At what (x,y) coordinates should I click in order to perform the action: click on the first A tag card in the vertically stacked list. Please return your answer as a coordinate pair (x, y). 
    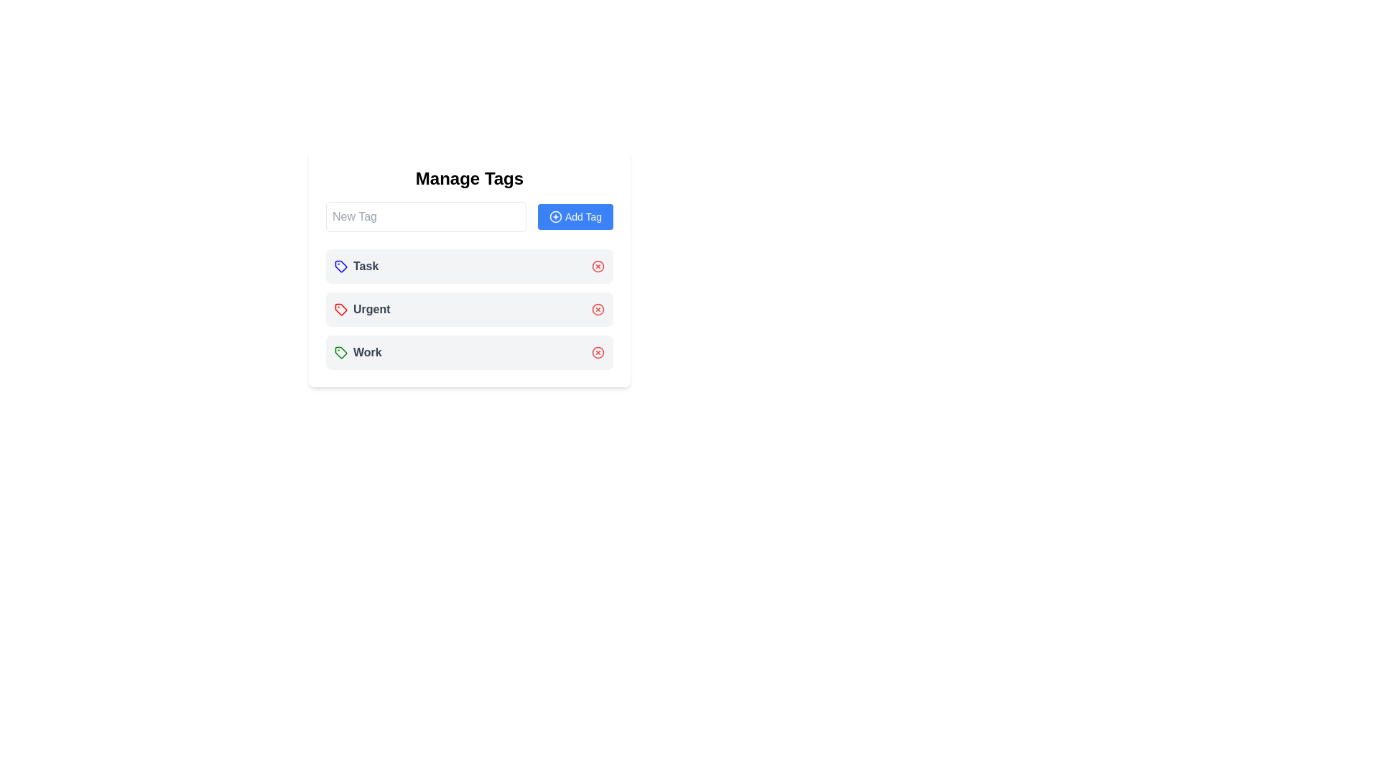
    Looking at the image, I should click on (469, 266).